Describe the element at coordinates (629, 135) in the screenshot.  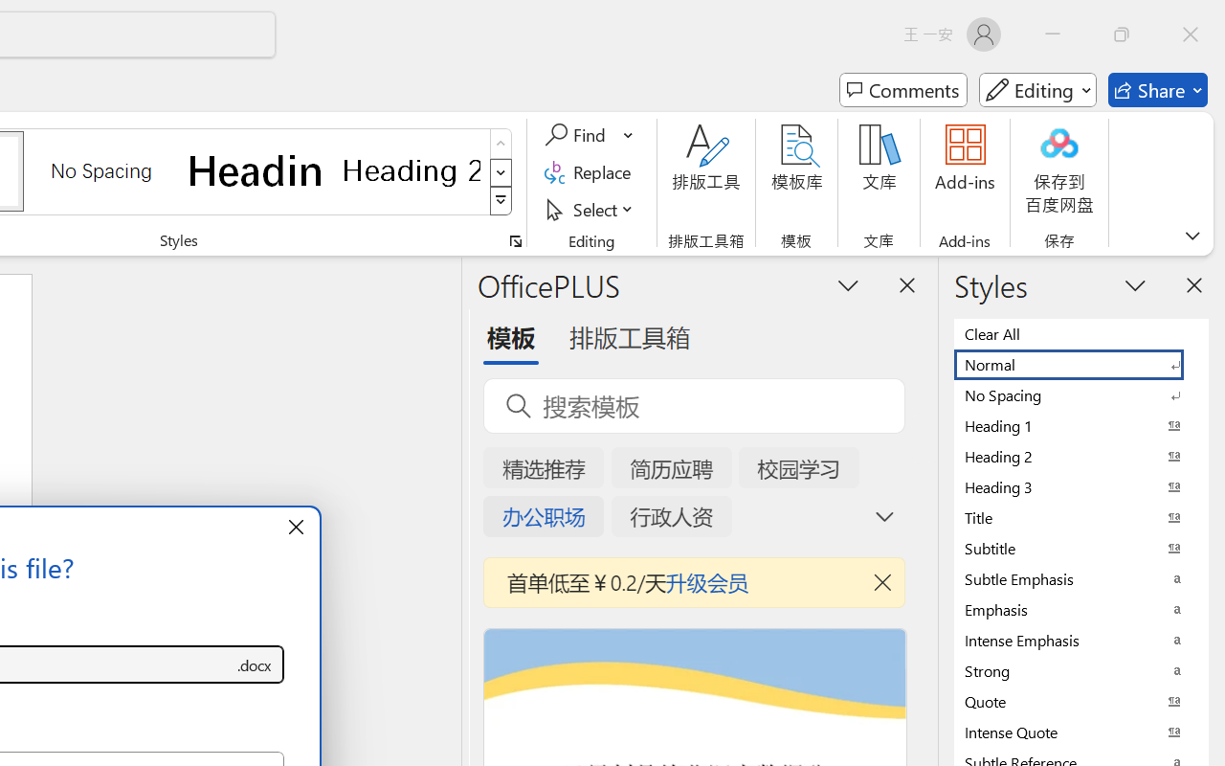
I see `'More Options'` at that location.